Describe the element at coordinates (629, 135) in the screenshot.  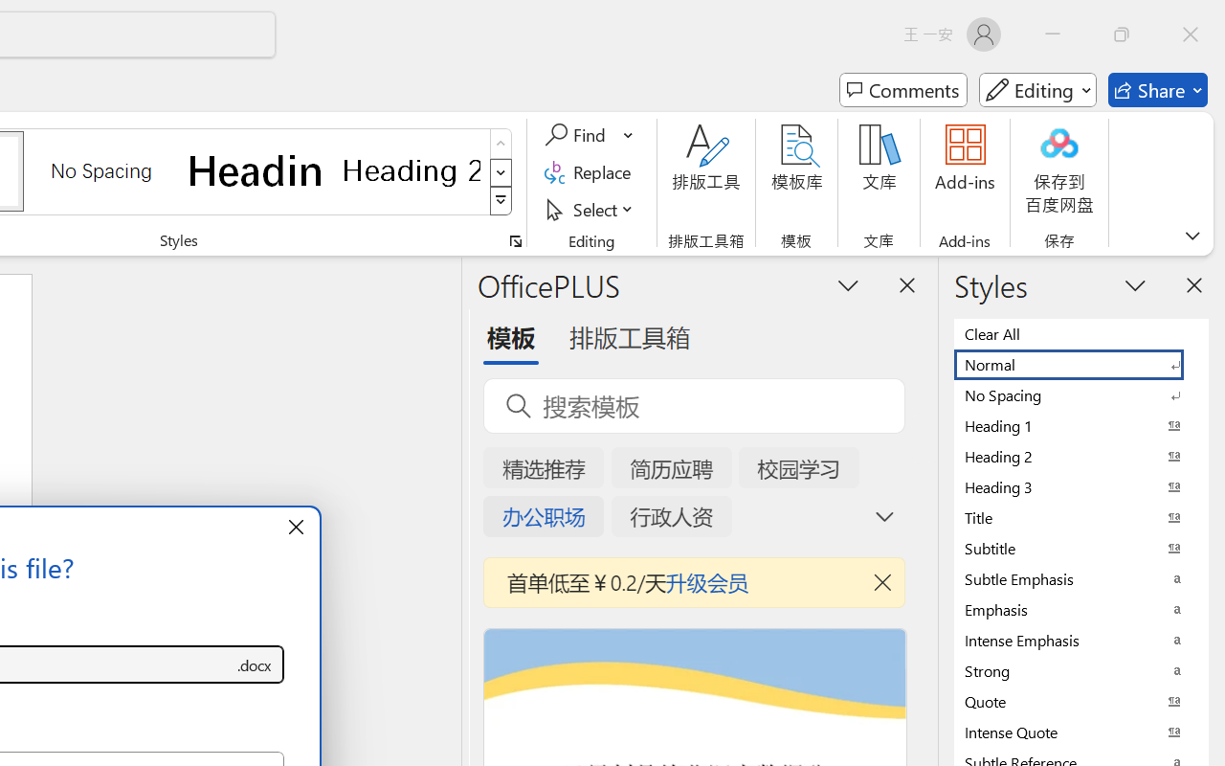
I see `'More Options'` at that location.